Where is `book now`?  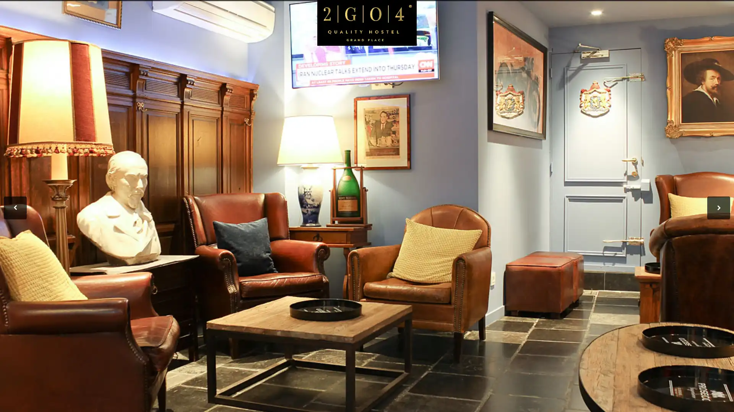
book now is located at coordinates (671, 62).